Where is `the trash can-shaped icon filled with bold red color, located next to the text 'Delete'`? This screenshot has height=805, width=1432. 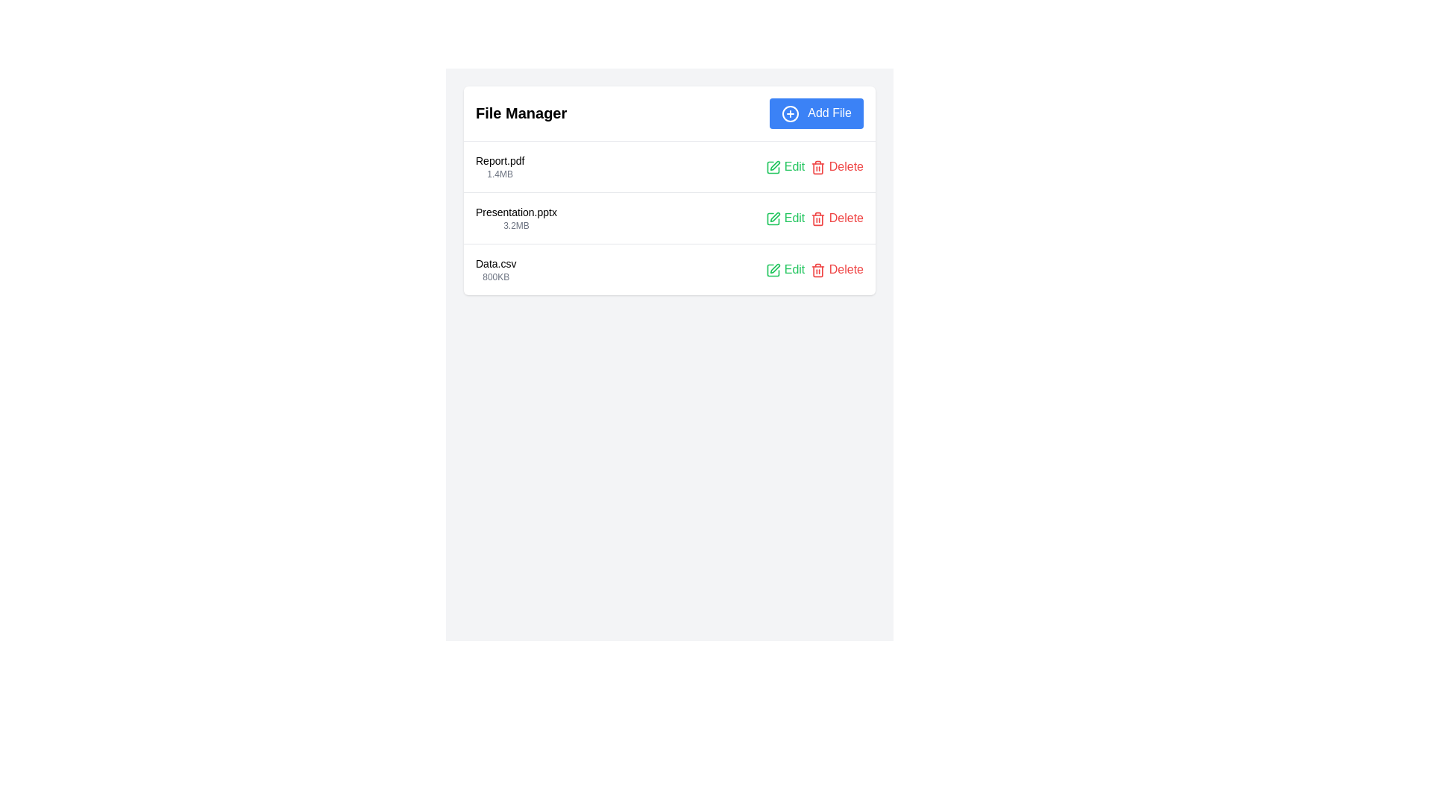
the trash can-shaped icon filled with bold red color, located next to the text 'Delete' is located at coordinates (817, 167).